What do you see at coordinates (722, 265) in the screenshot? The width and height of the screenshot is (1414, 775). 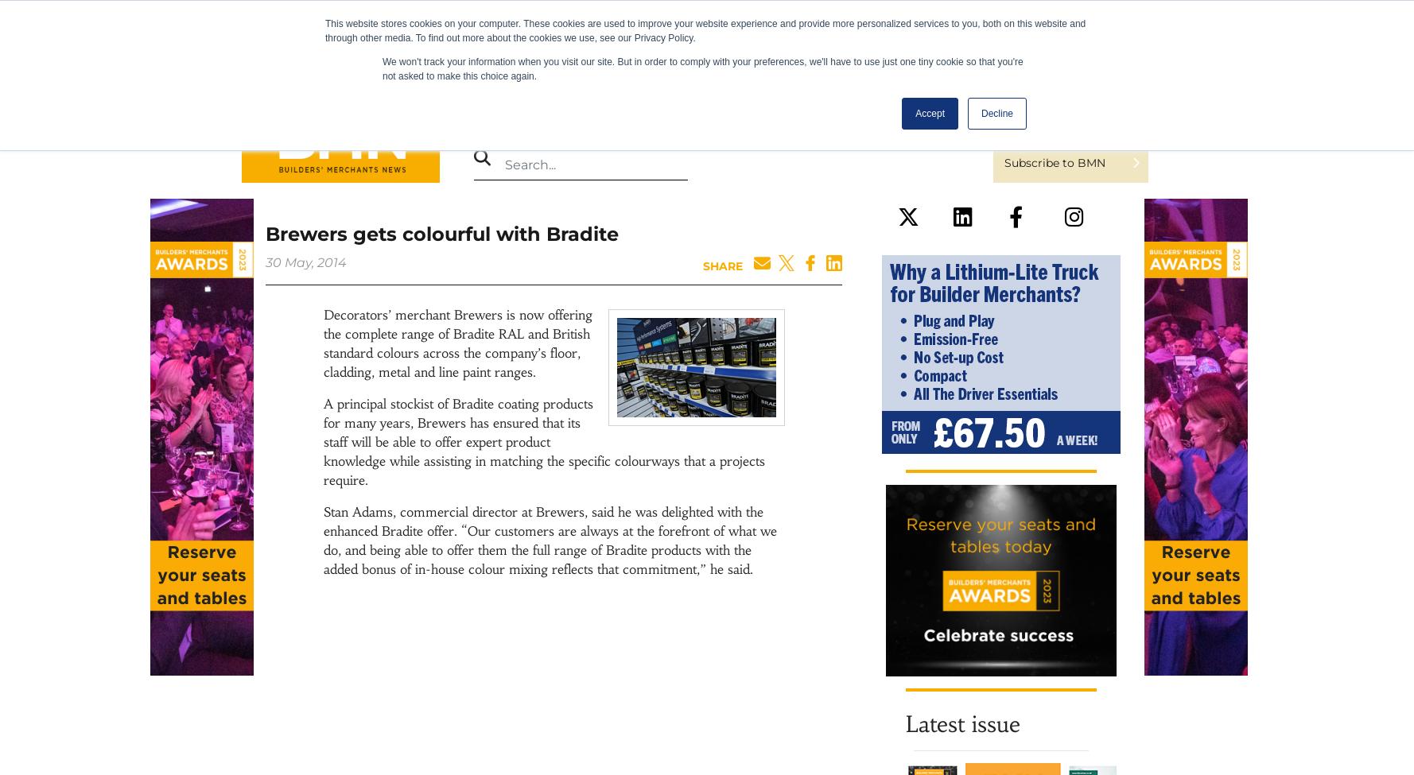 I see `'SHARE'` at bounding box center [722, 265].